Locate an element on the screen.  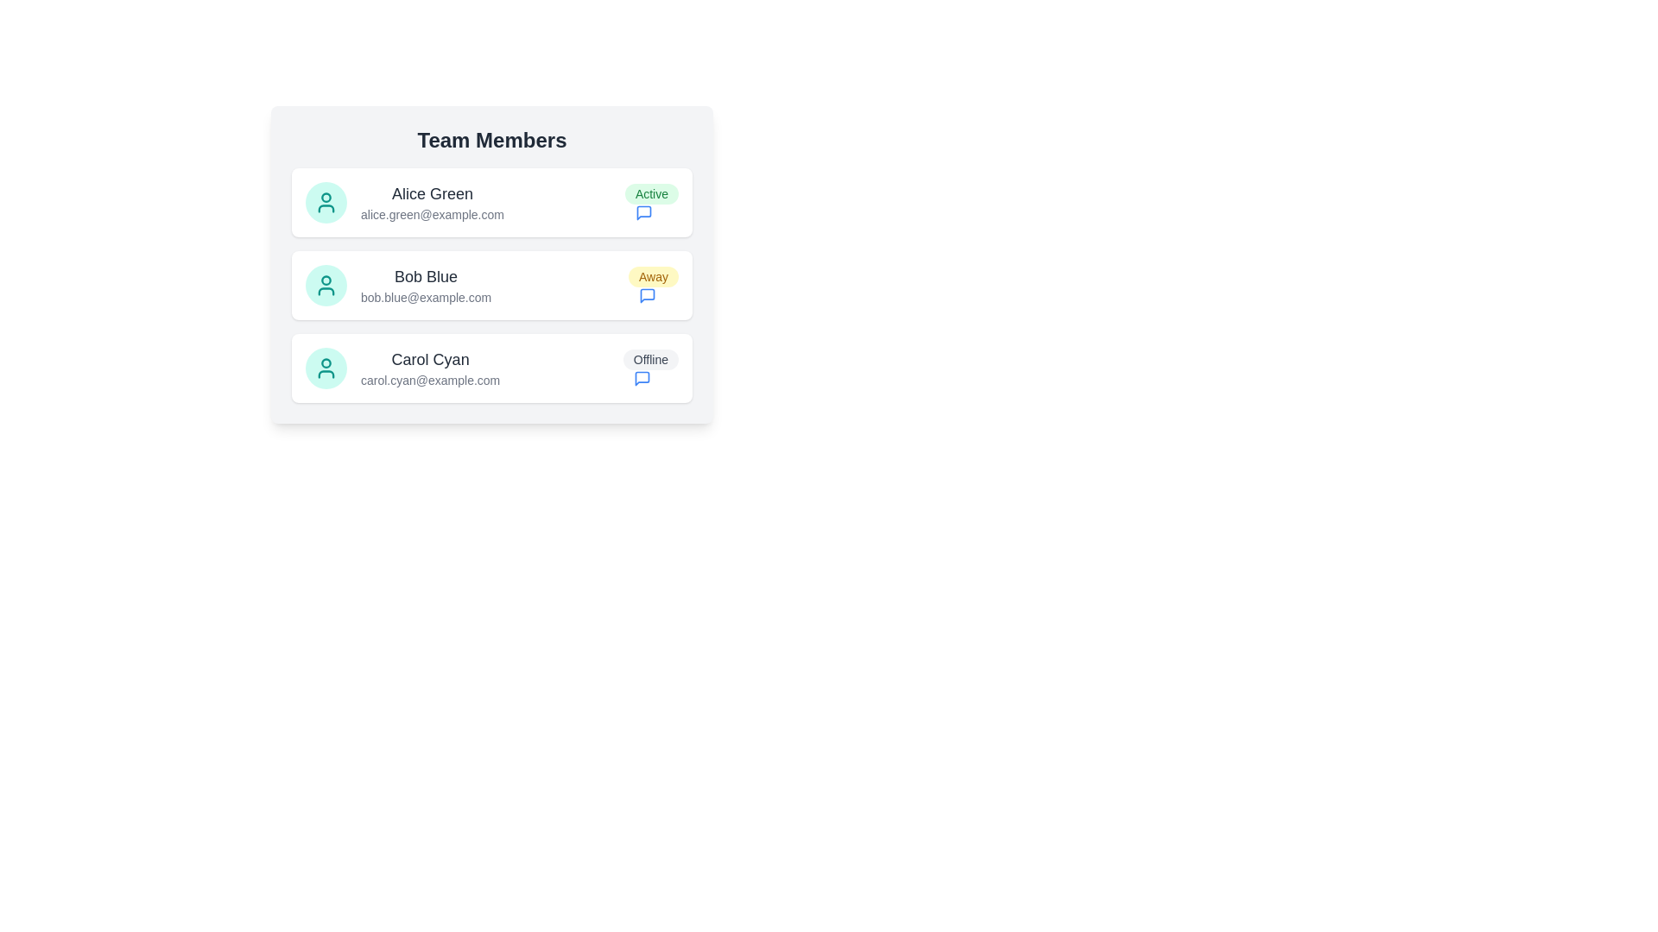
the user profile card located at the bottom of the list, which displays the name, contact details, and current status of the user is located at coordinates (491, 368).